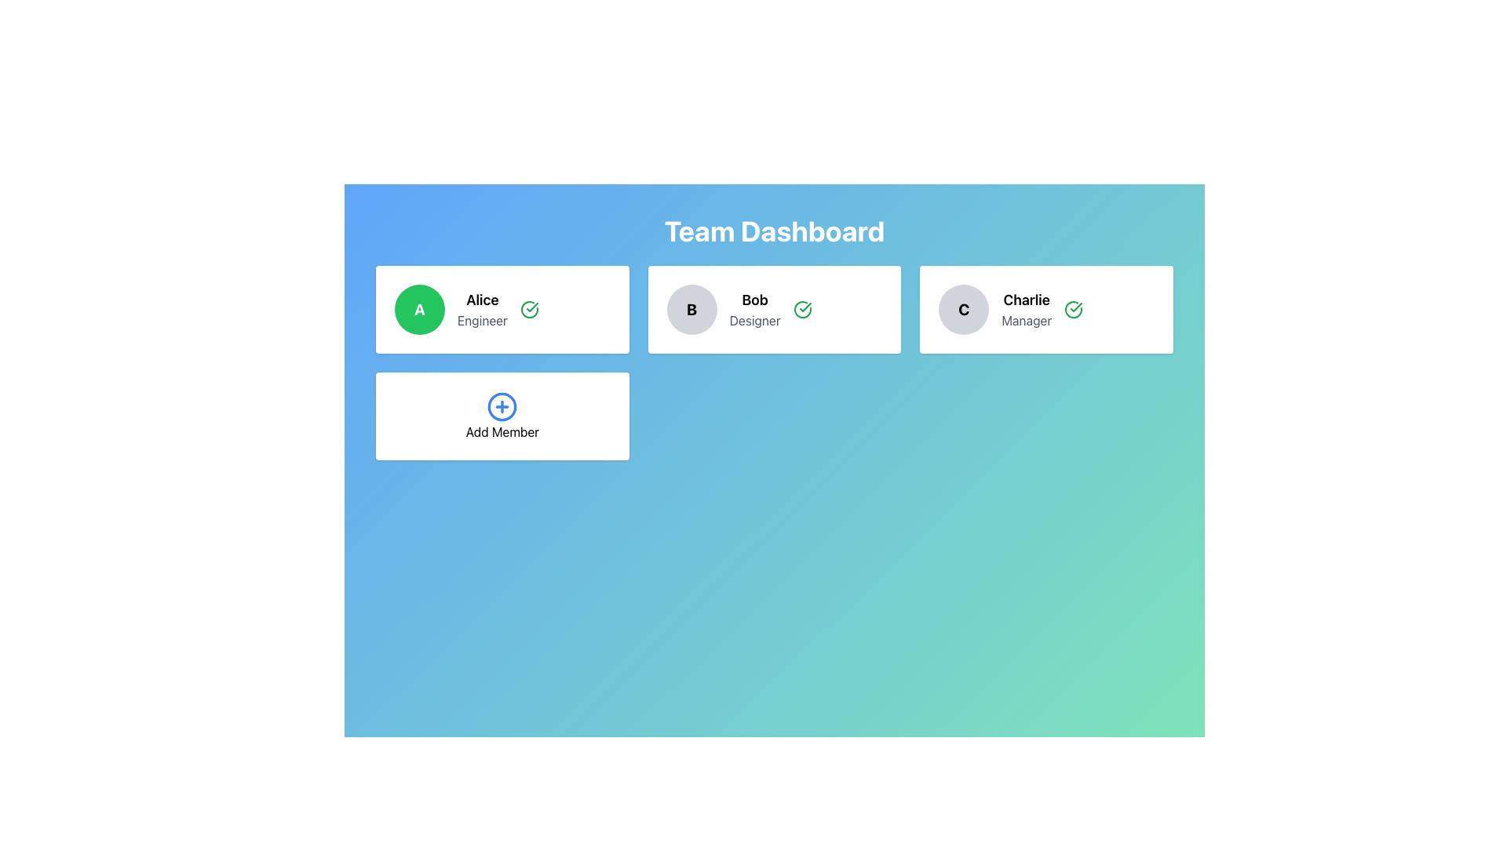 This screenshot has height=847, width=1507. I want to click on text 'Charlie' displayed in the first line of the card for the team dashboard, located on the rightmost side of the top row of cards, so click(1027, 300).